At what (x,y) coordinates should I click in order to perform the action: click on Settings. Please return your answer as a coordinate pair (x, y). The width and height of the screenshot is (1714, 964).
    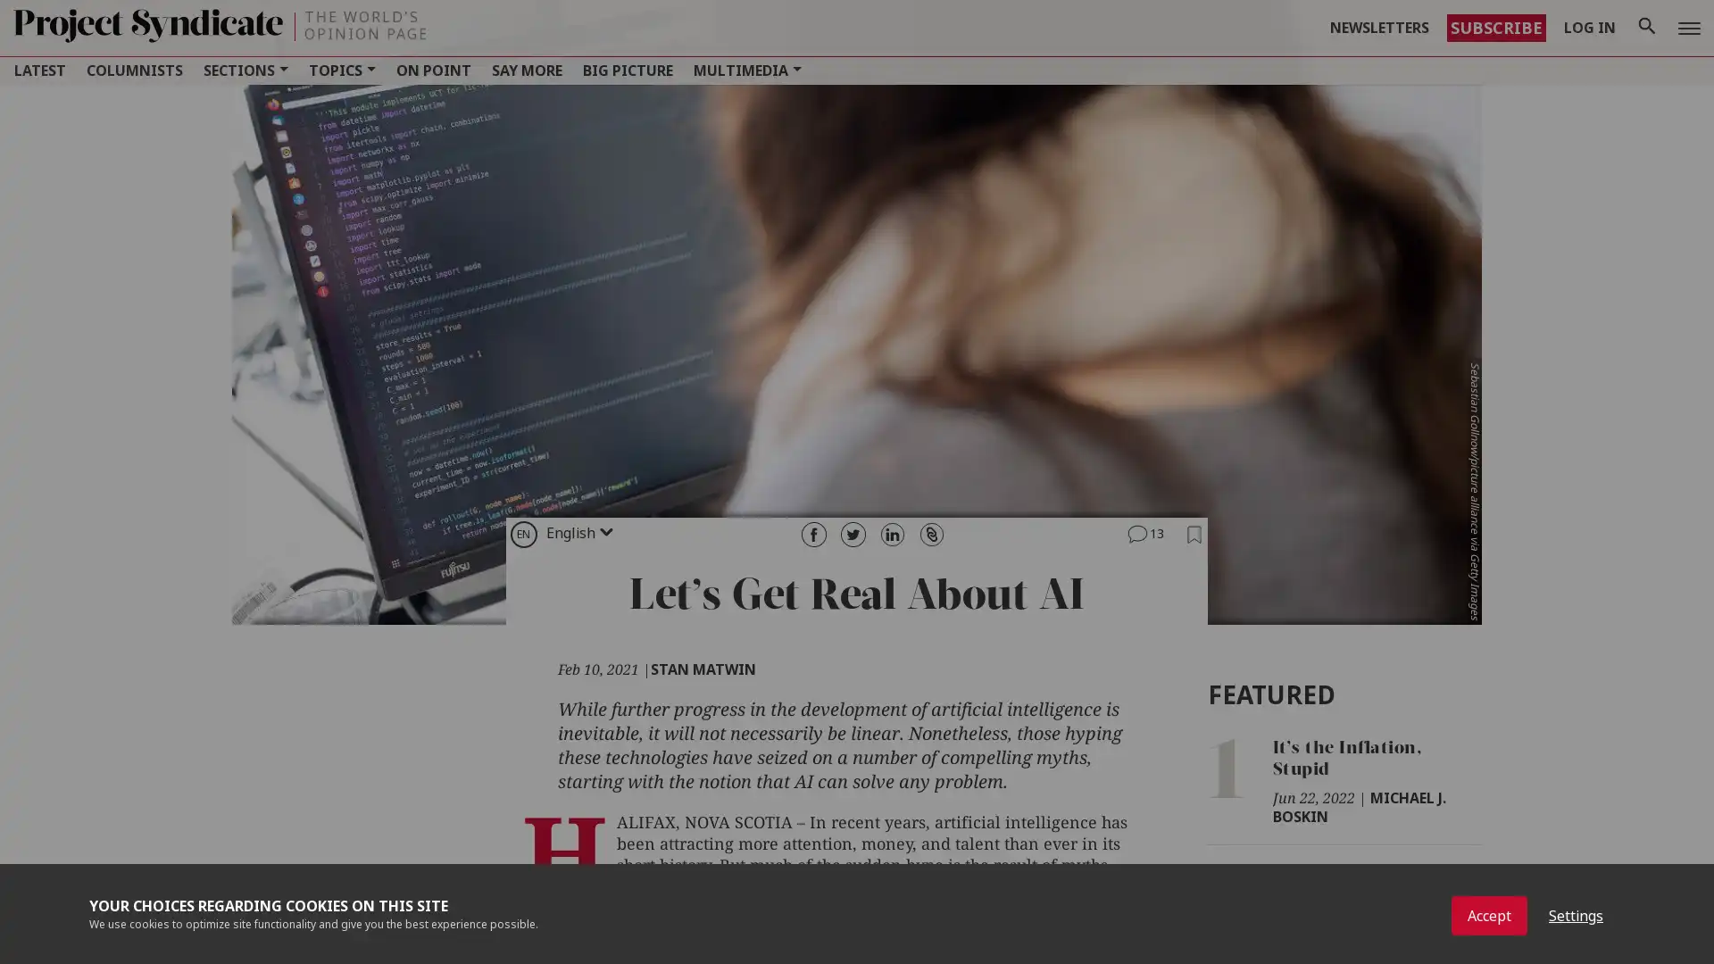
    Looking at the image, I should click on (1576, 916).